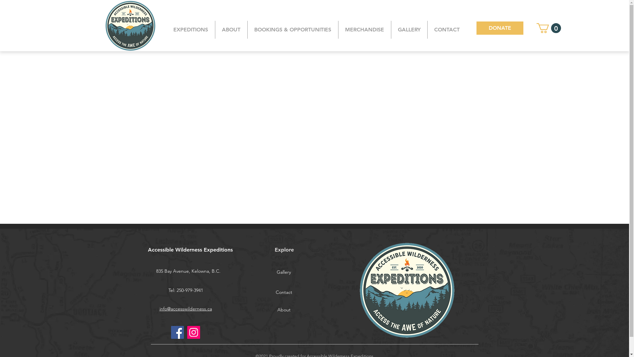 The width and height of the screenshot is (634, 357). What do you see at coordinates (408, 29) in the screenshot?
I see `'GALLERY'` at bounding box center [408, 29].